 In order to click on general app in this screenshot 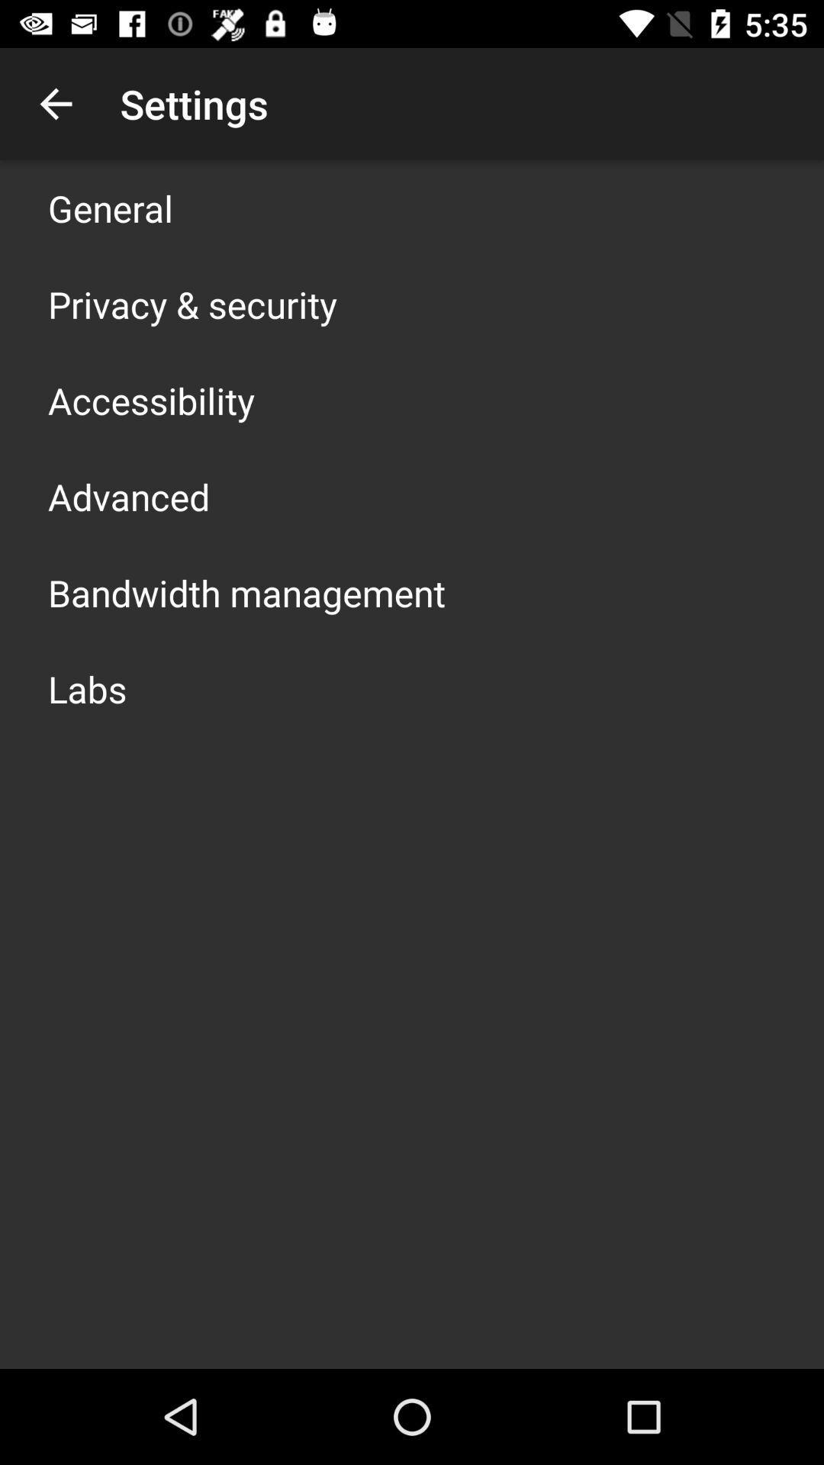, I will do `click(110, 208)`.